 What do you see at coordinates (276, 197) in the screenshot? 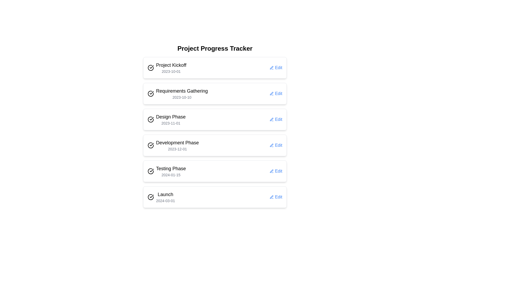
I see `the button with an icon and text that allows users to edit the associated content or configuration of the 'Launch' card located at the bottom of the 'Launch 2024-03-01' list` at bounding box center [276, 197].